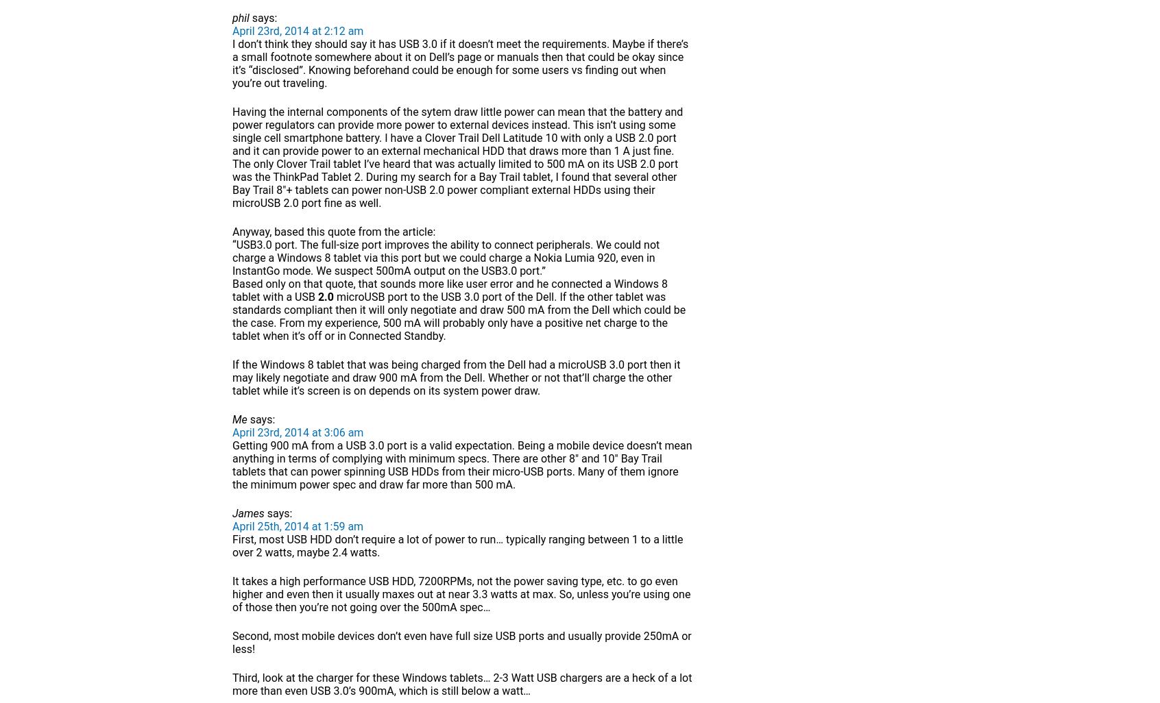  I want to click on '2.0', so click(324, 297).